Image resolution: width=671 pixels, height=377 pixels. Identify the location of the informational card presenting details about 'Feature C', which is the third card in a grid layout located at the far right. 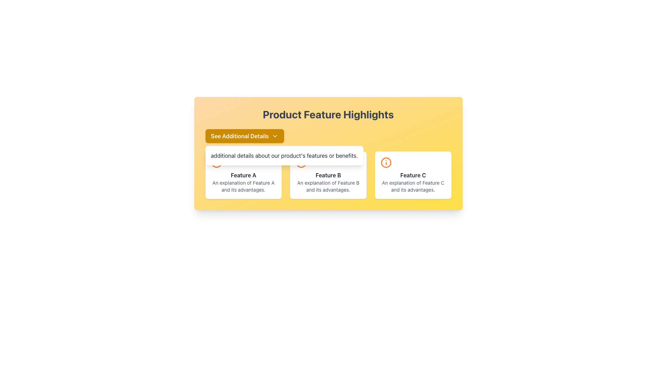
(413, 175).